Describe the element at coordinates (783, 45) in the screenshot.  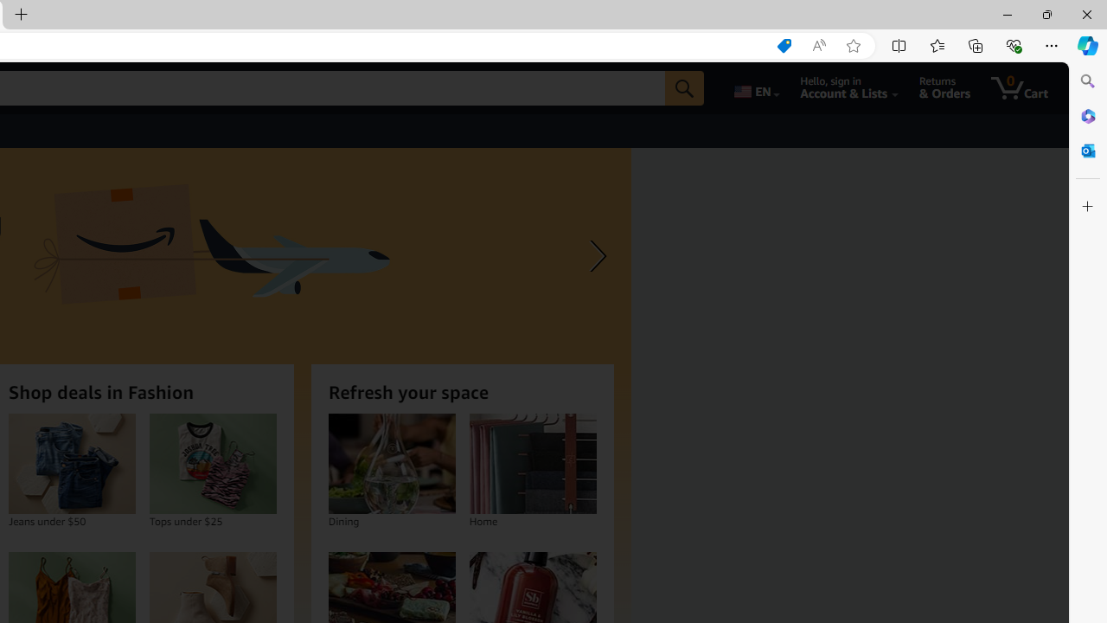
I see `'Shopping in Microsoft Edge'` at that location.